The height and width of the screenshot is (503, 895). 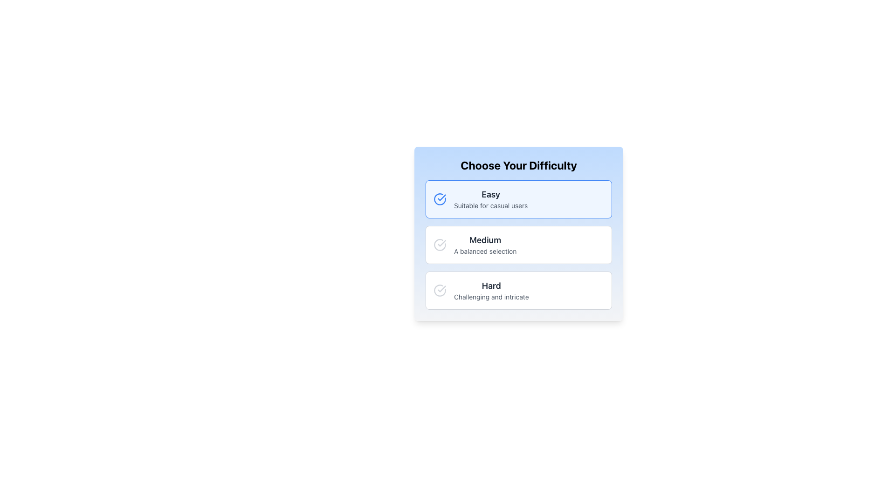 I want to click on the circular icon with a checkmark that represents the 'Easy' option, so click(x=440, y=199).